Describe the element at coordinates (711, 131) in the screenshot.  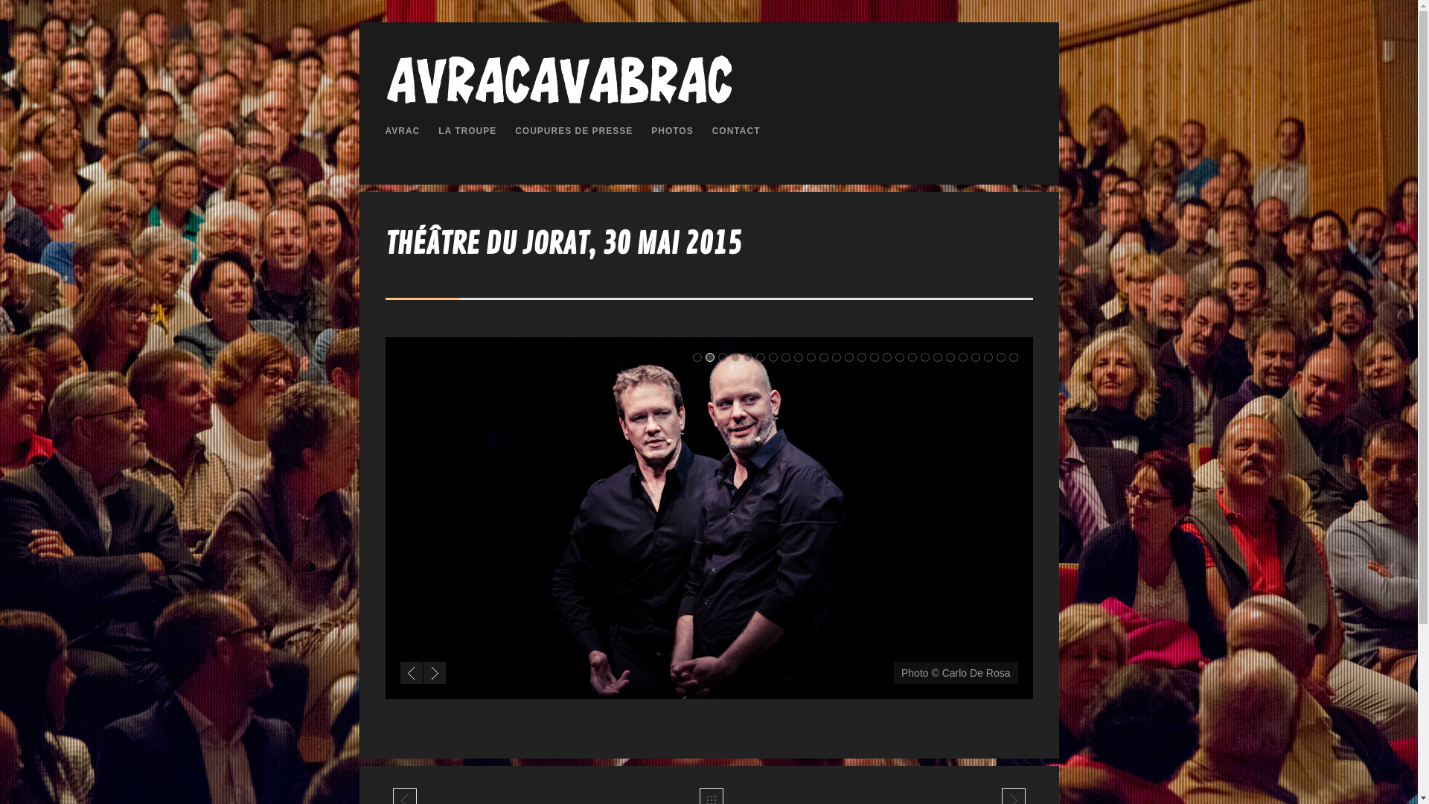
I see `'CONTACT'` at that location.